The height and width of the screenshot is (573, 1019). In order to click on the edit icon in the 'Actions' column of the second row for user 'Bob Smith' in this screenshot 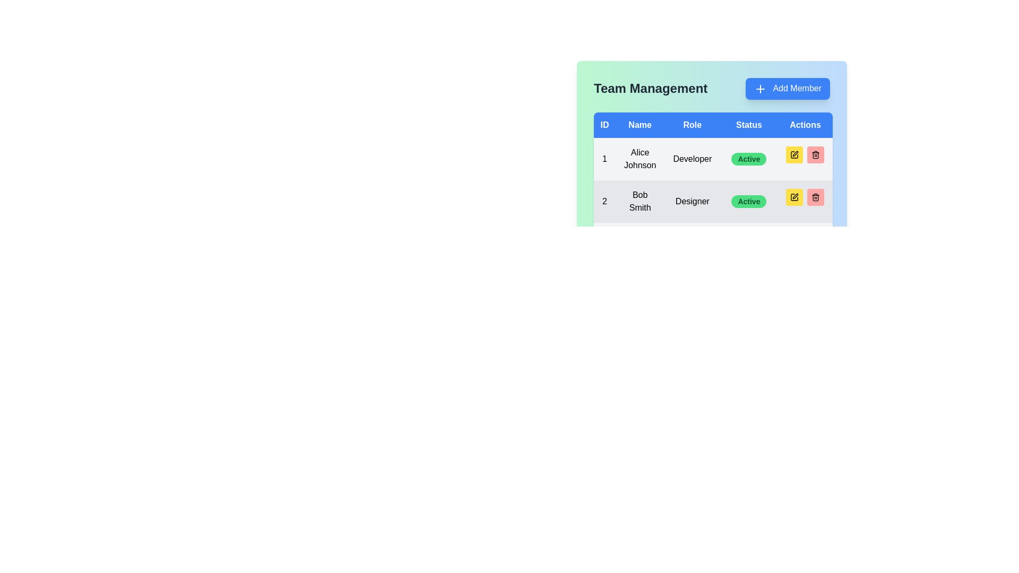, I will do `click(795, 154)`.